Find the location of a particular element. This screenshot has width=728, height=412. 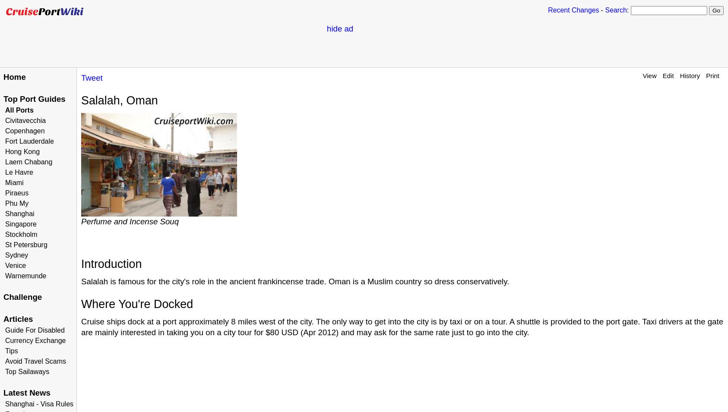

'Edit' is located at coordinates (662, 75).